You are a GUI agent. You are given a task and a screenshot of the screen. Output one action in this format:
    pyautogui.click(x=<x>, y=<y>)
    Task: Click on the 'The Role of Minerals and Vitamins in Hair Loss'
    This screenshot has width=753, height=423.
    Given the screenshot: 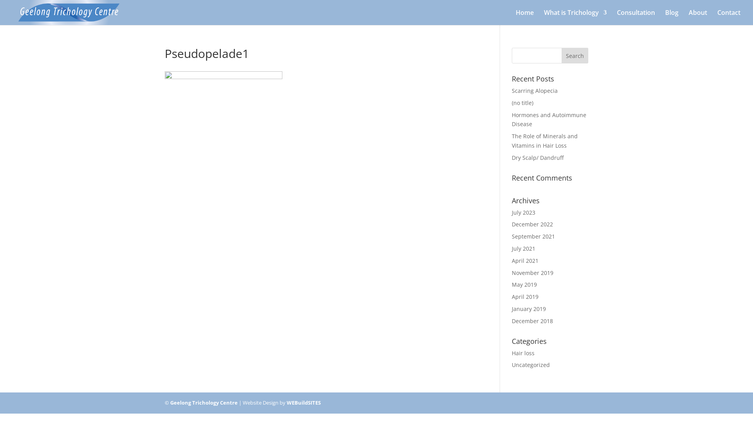 What is the action you would take?
    pyautogui.click(x=512, y=140)
    